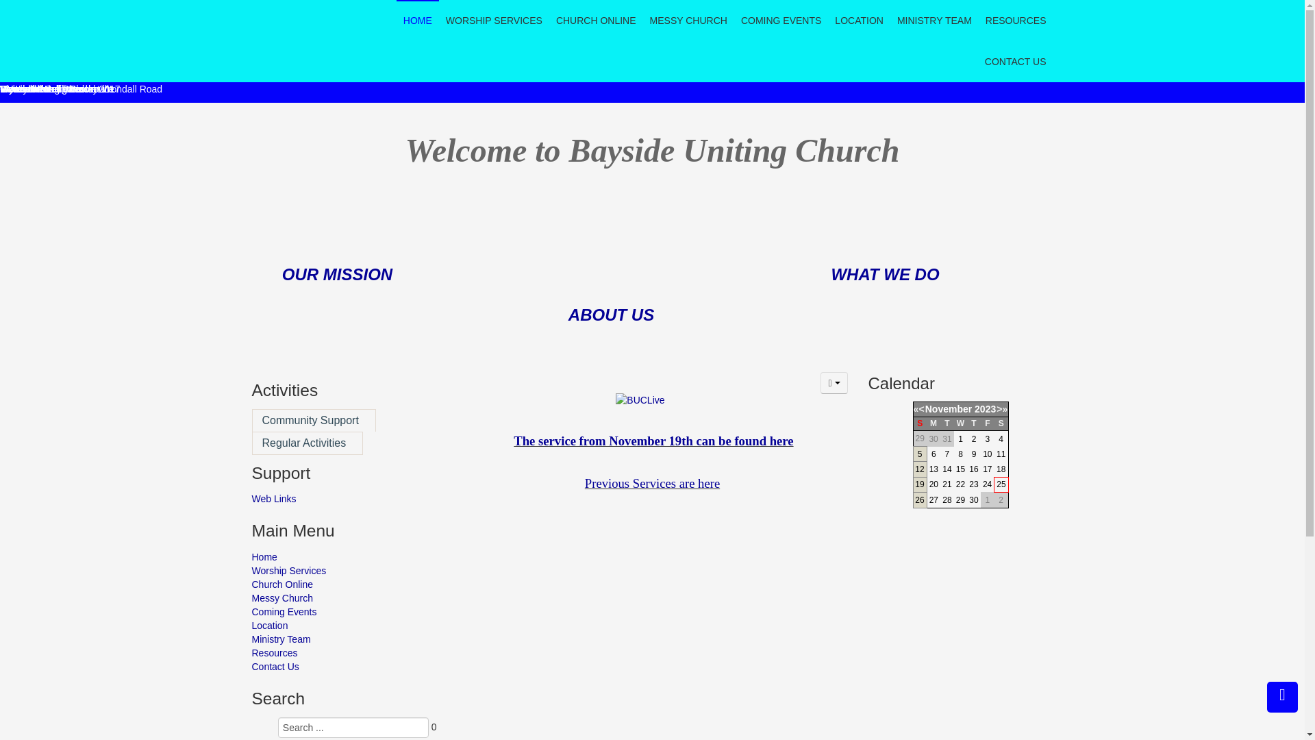 The width and height of the screenshot is (1315, 740). What do you see at coordinates (984, 408) in the screenshot?
I see `'2023'` at bounding box center [984, 408].